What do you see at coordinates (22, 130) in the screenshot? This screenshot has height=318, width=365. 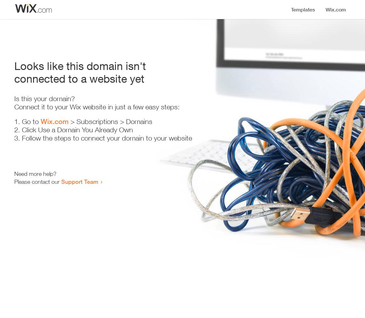 I see `'Click Use a Domain You Already Own'` at bounding box center [22, 130].